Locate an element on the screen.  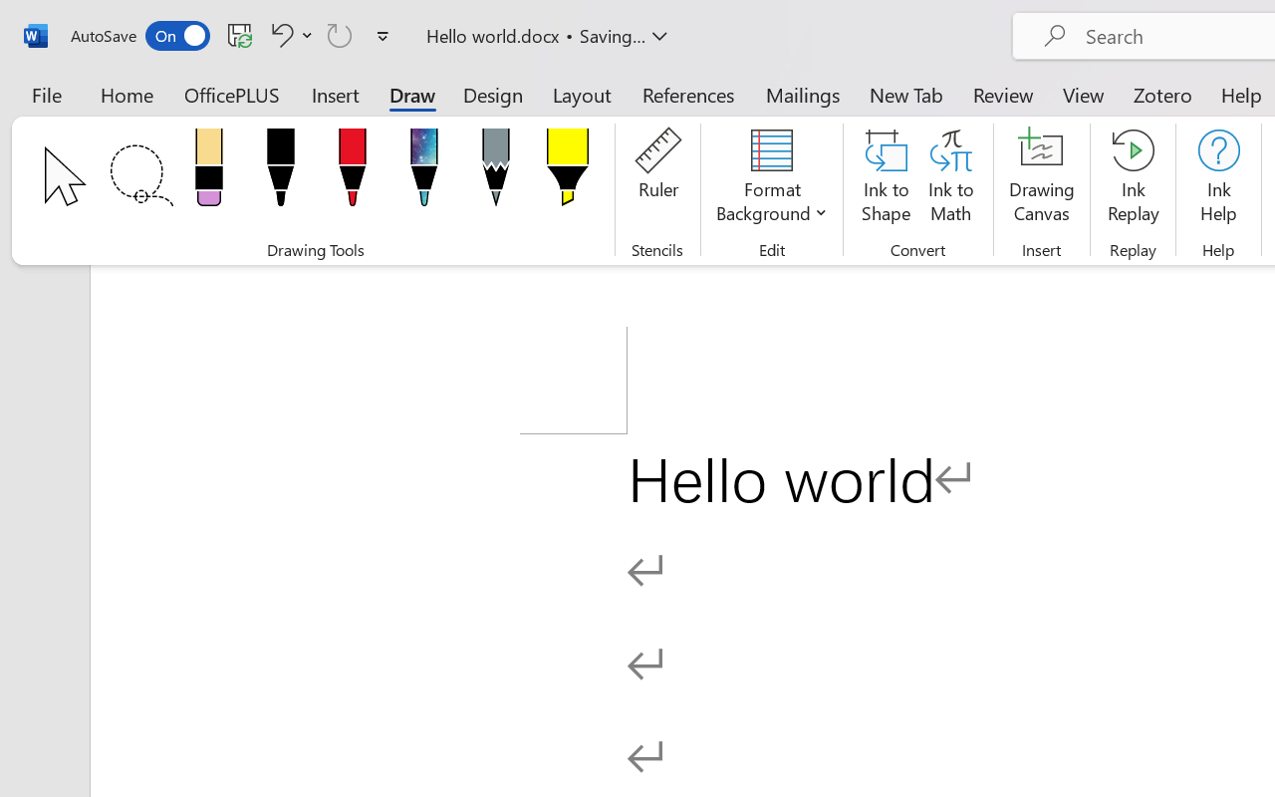
'Design' is located at coordinates (493, 94).